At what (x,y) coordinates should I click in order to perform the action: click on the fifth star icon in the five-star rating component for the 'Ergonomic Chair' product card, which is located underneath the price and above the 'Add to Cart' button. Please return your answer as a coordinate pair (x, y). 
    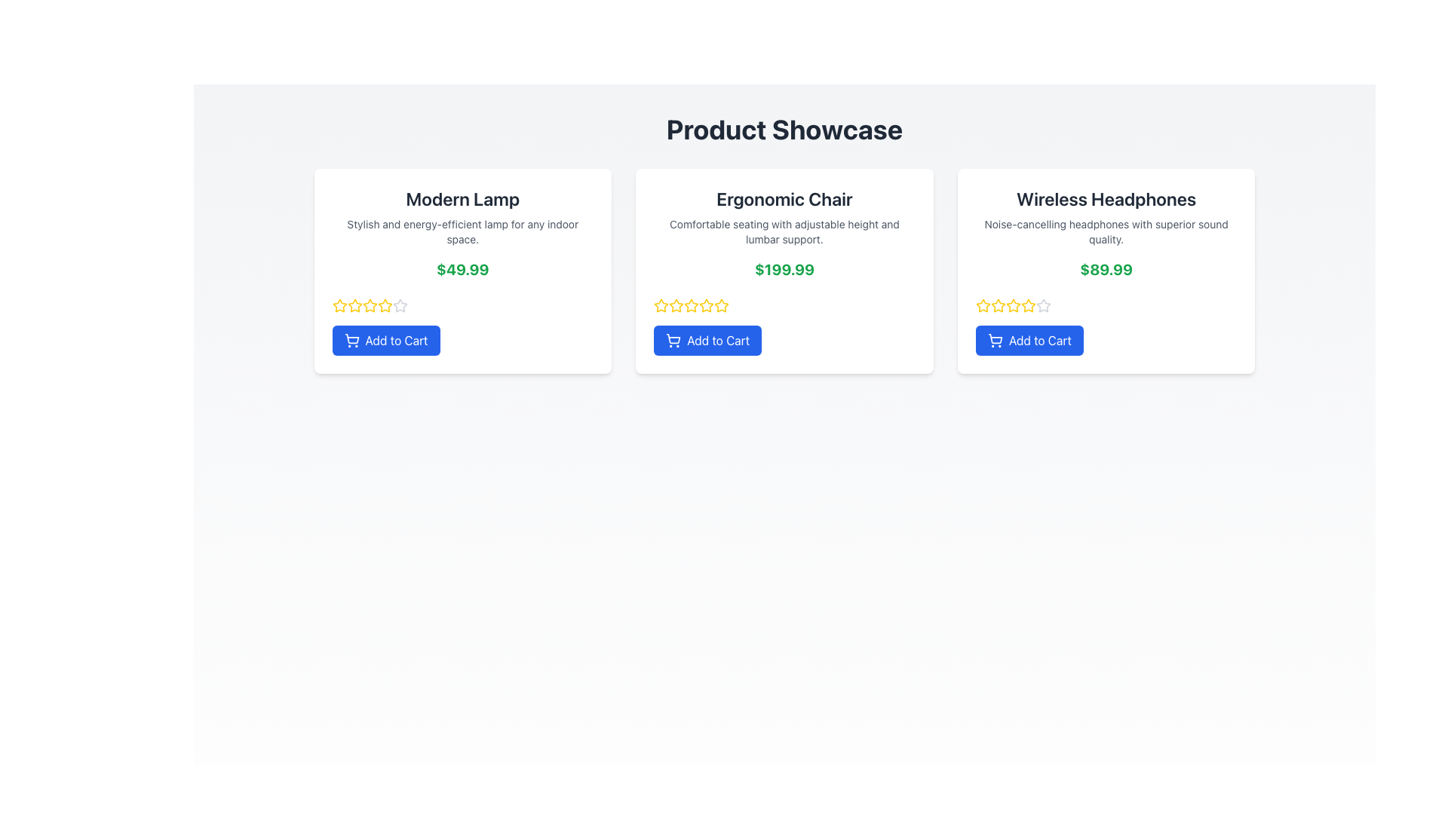
    Looking at the image, I should click on (721, 305).